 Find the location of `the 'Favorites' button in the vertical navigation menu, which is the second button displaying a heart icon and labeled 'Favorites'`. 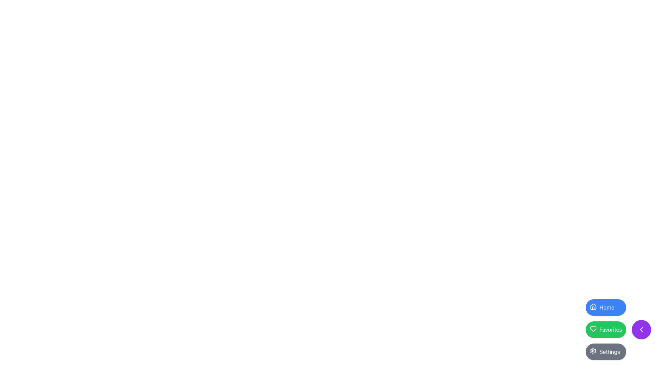

the 'Favorites' button in the vertical navigation menu, which is the second button displaying a heart icon and labeled 'Favorites' is located at coordinates (605, 329).